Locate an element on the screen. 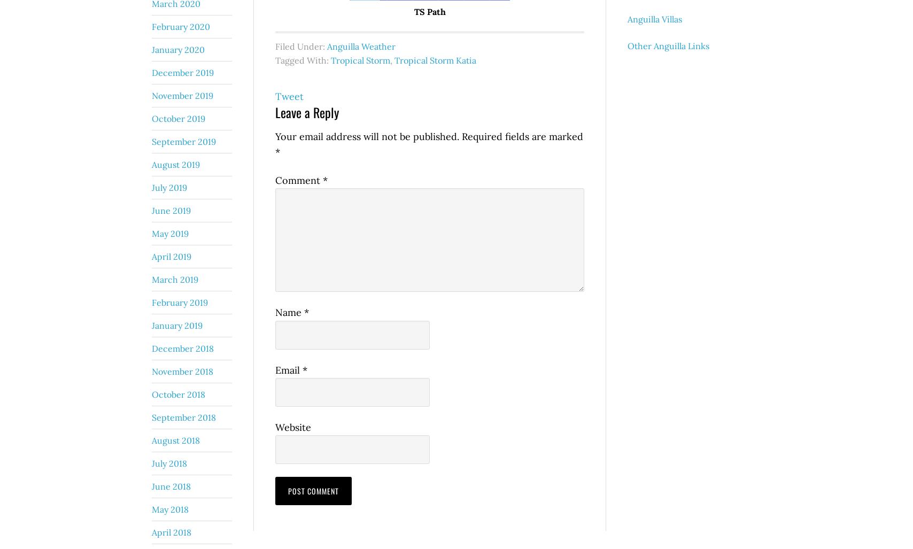  'November 2019' is located at coordinates (182, 94).